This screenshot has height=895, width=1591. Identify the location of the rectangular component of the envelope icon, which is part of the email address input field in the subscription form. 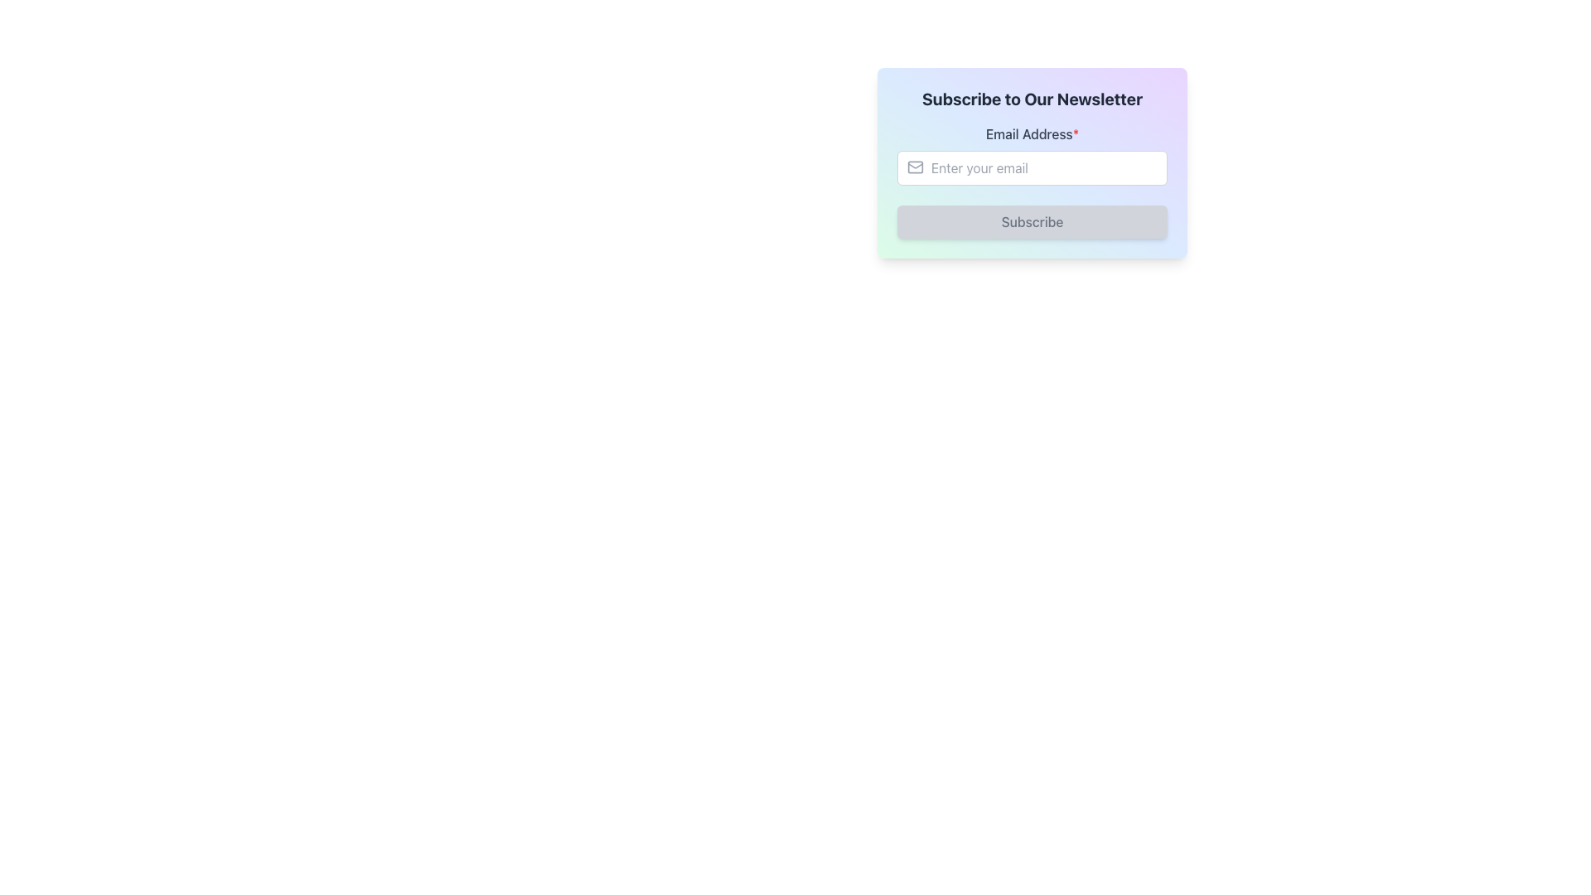
(914, 167).